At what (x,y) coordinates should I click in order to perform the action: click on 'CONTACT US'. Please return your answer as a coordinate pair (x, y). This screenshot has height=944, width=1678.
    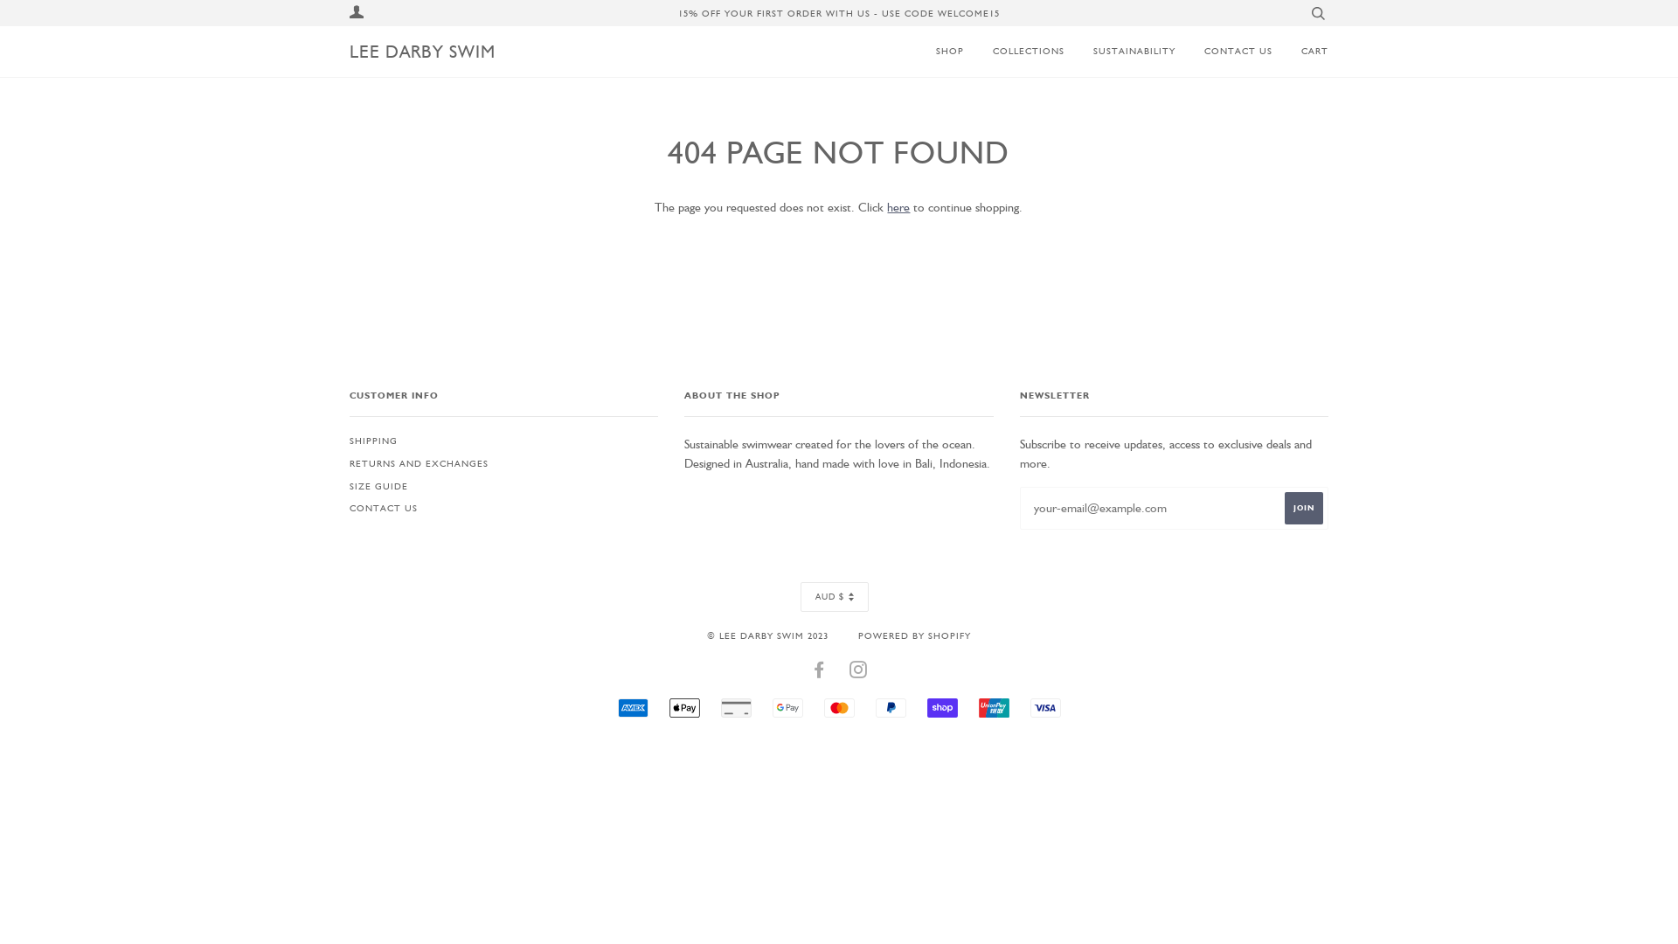
    Looking at the image, I should click on (1224, 50).